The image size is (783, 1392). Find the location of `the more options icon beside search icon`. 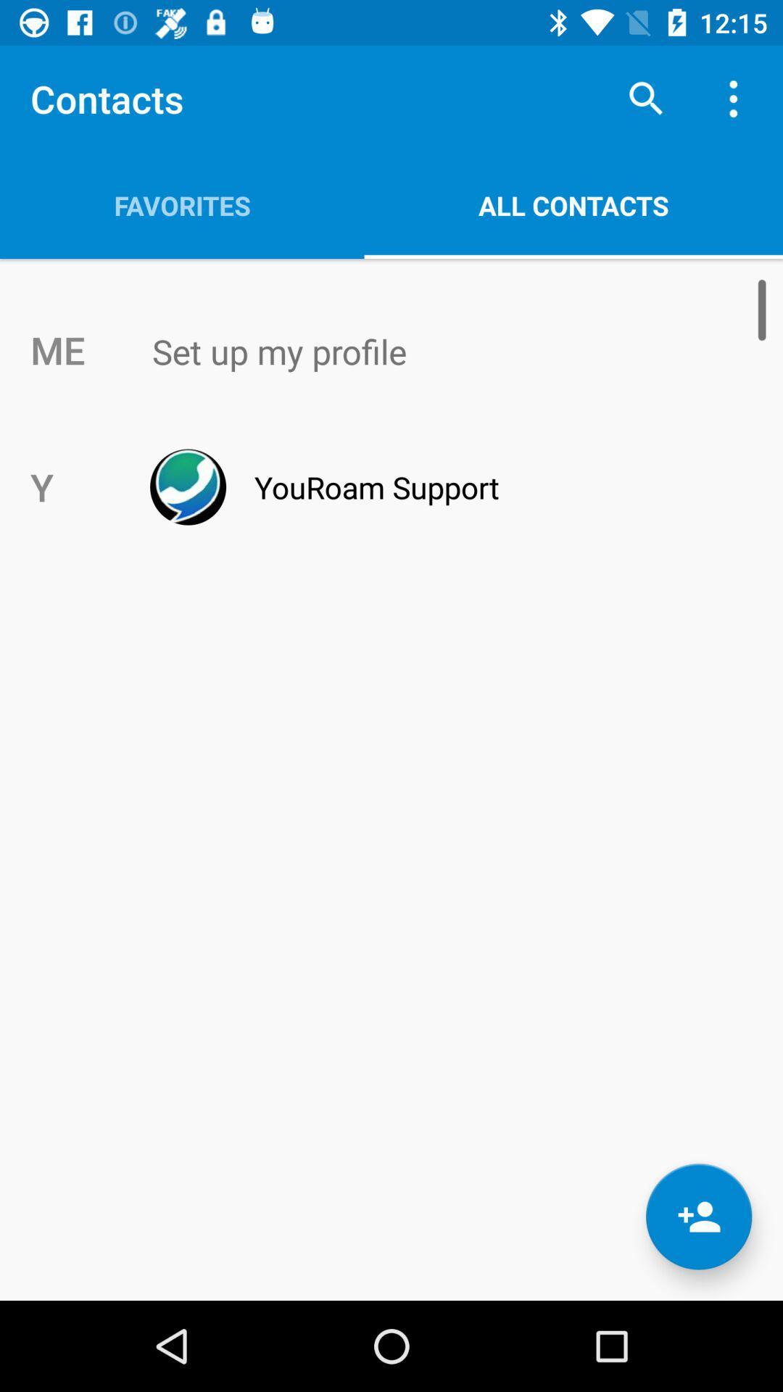

the more options icon beside search icon is located at coordinates (737, 99).